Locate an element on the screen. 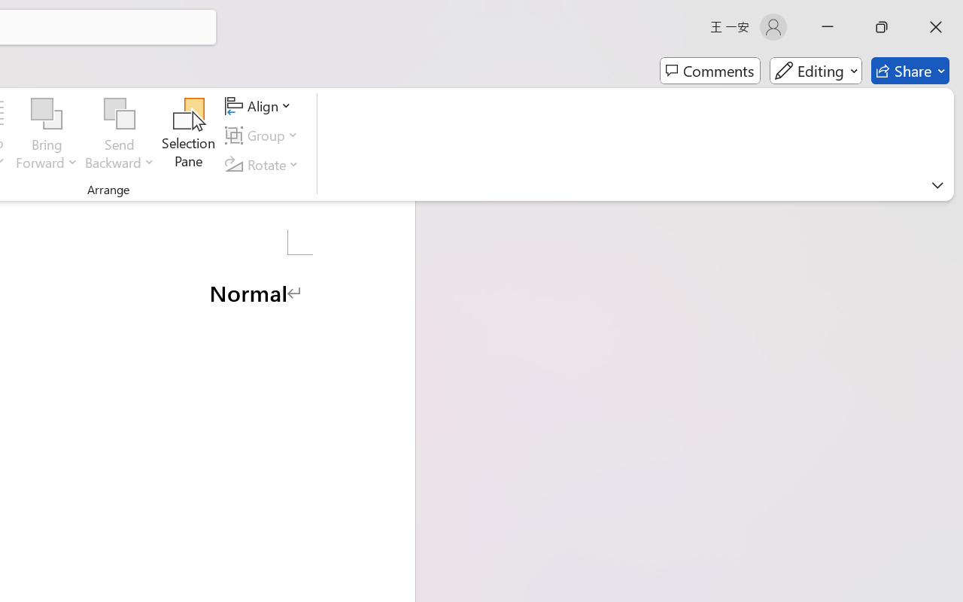  'Send Backward' is located at coordinates (119, 114).